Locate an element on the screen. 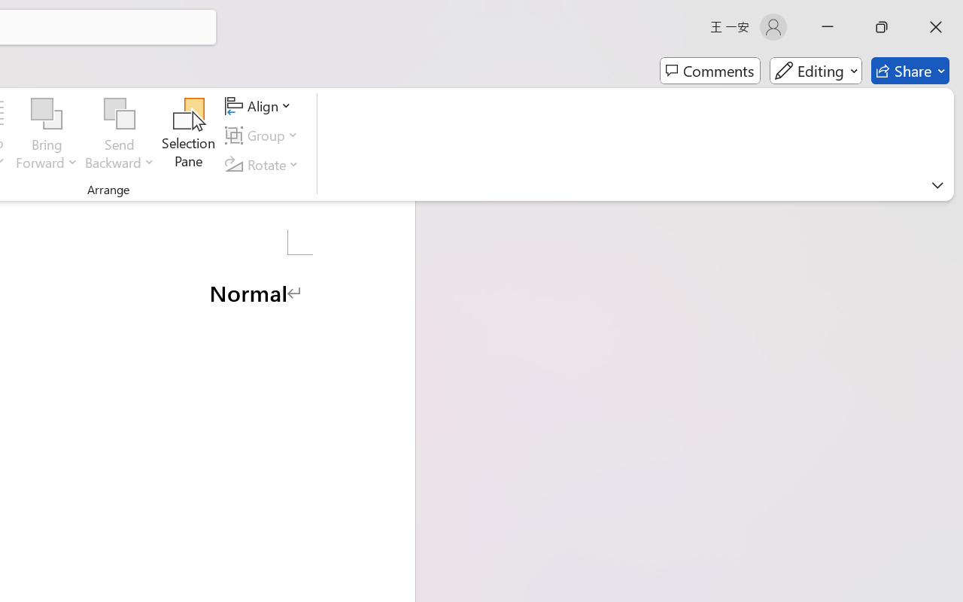  'Send Backward' is located at coordinates (119, 114).